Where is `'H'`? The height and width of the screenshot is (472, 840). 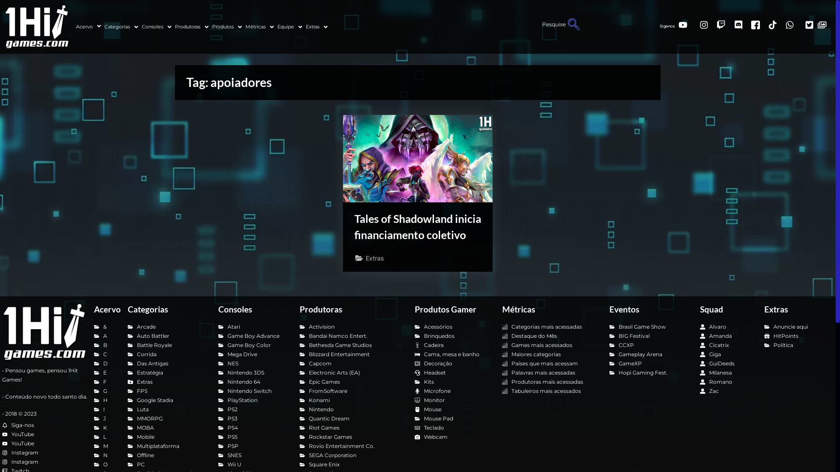 'H' is located at coordinates (106, 400).